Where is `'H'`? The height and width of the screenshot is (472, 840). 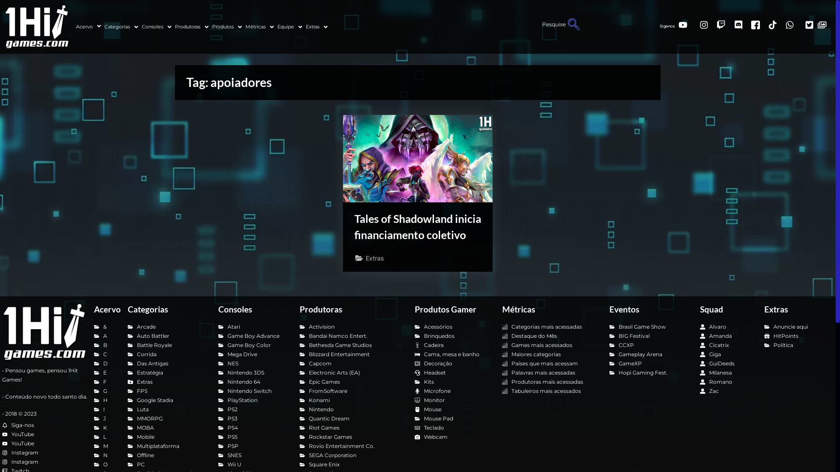 'H' is located at coordinates (106, 400).